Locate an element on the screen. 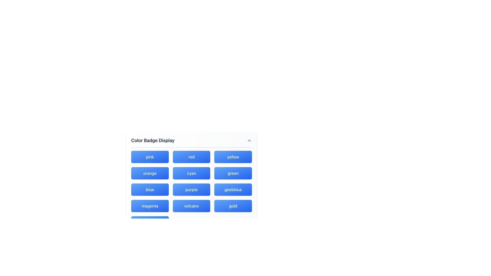 The width and height of the screenshot is (491, 276). the button labeled 'purple' which is styled with a gradient from blue to darker blue, located in the middle of the third row in the grid layout is located at coordinates (191, 189).